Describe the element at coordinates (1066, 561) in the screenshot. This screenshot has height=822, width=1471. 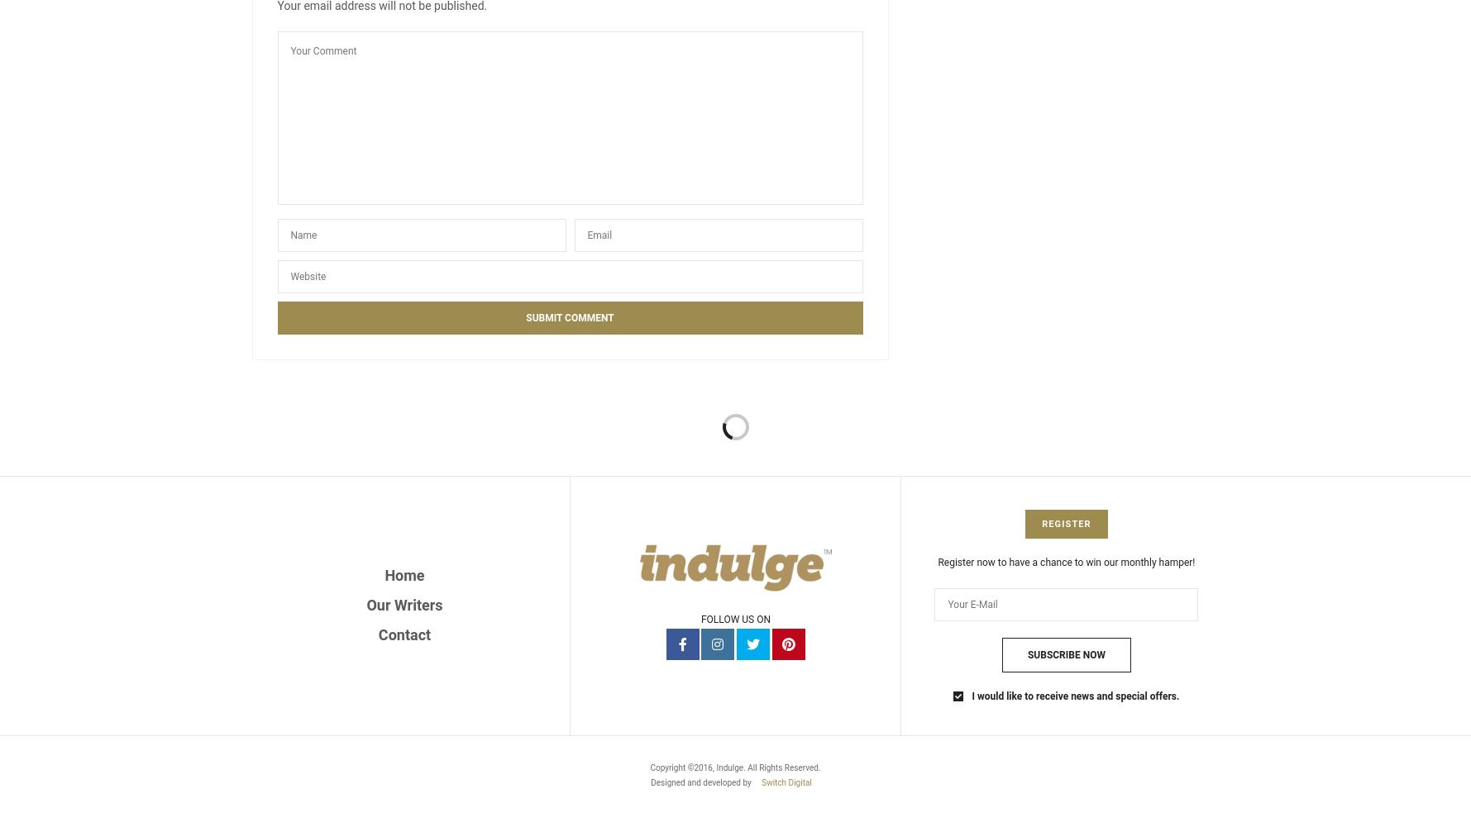
I see `'Register now to have a chance to win our monthly hamper!'` at that location.